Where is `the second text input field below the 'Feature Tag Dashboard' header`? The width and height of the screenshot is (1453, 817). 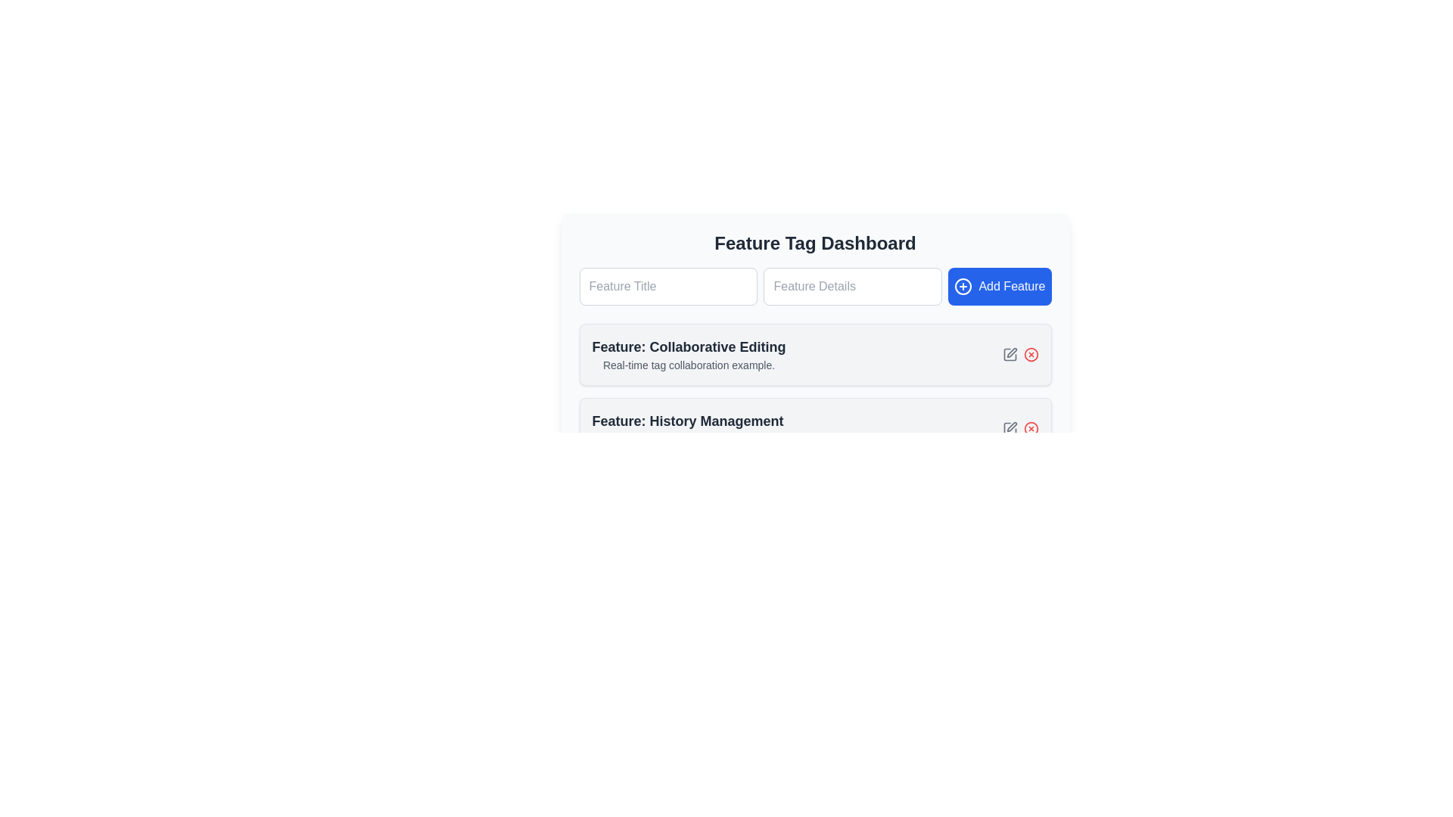
the second text input field below the 'Feature Tag Dashboard' header is located at coordinates (814, 286).